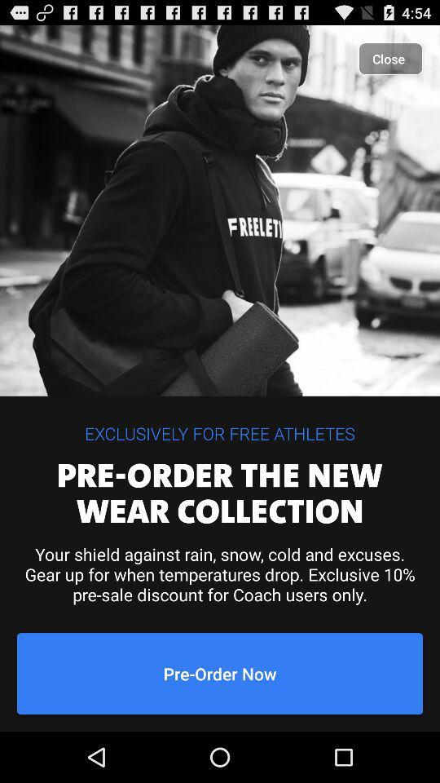 The width and height of the screenshot is (440, 783). What do you see at coordinates (220, 574) in the screenshot?
I see `the your shield against item` at bounding box center [220, 574].